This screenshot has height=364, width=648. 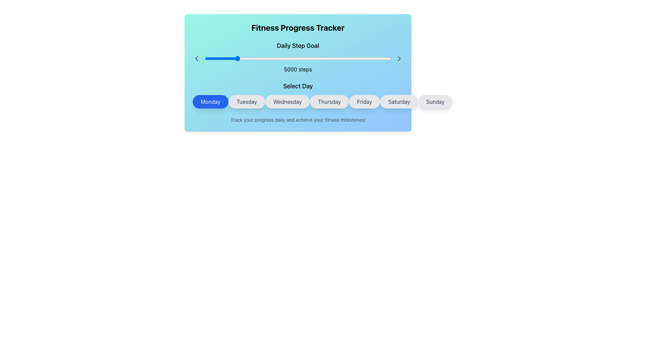 I want to click on the step goal, so click(x=285, y=58).